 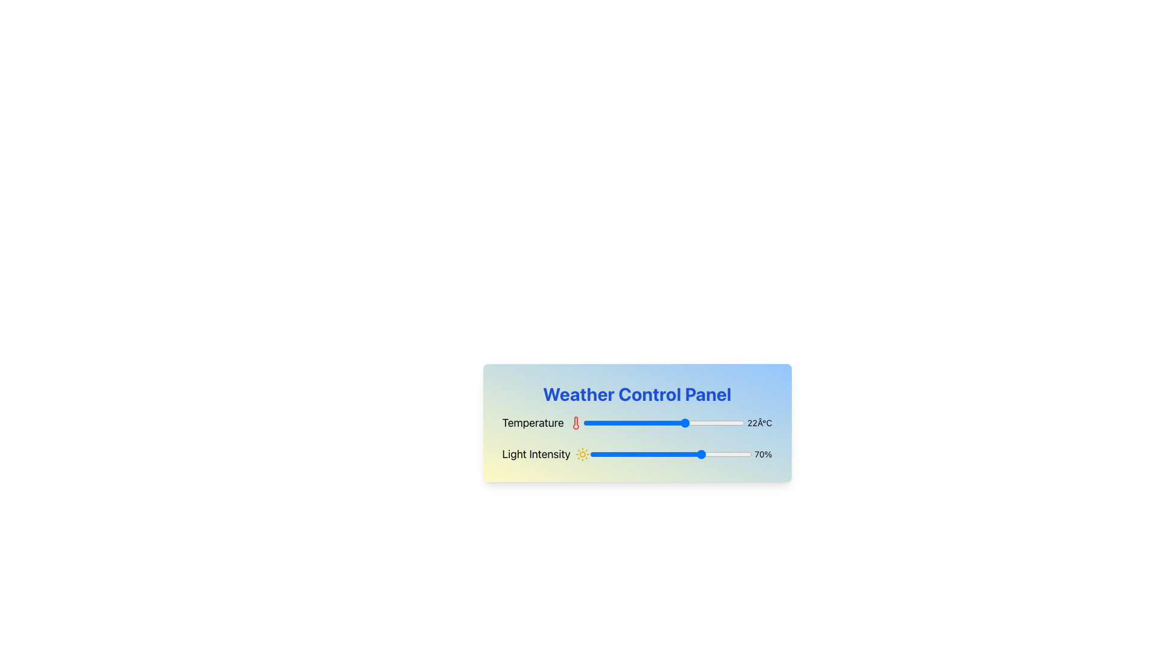 What do you see at coordinates (575, 423) in the screenshot?
I see `the temperature icon located to the right of the 'Temperature' label in the top-left section of the 'Weather Control Panel' card` at bounding box center [575, 423].